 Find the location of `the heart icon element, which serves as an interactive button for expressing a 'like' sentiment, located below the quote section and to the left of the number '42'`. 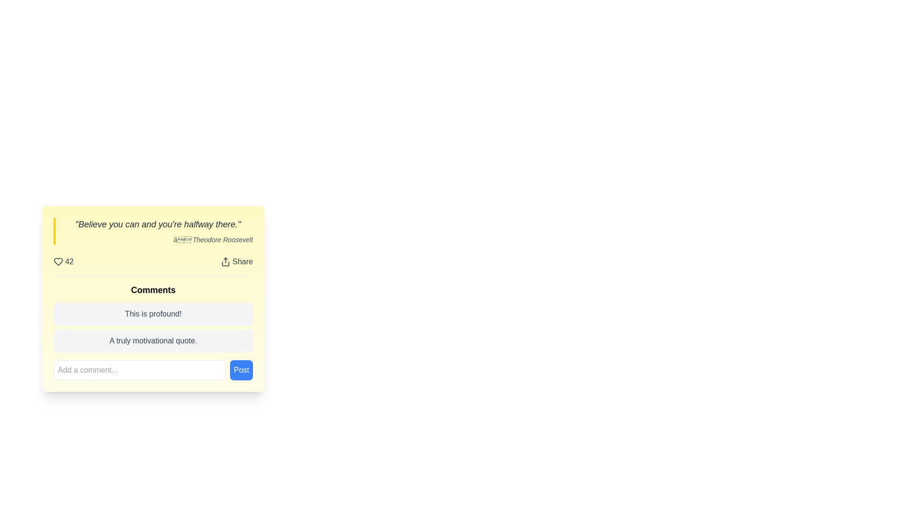

the heart icon element, which serves as an interactive button for expressing a 'like' sentiment, located below the quote section and to the left of the number '42' is located at coordinates (57, 262).